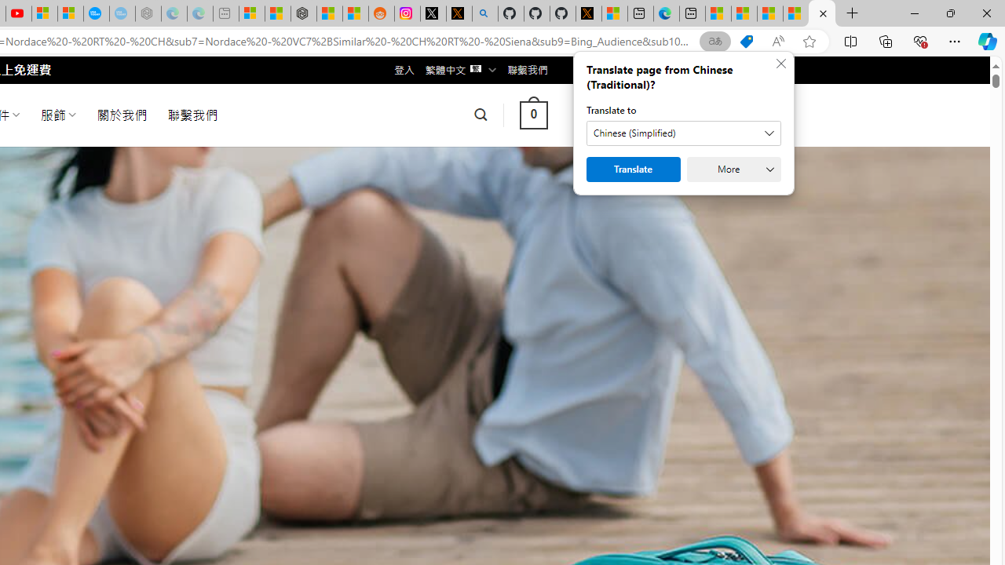 The height and width of the screenshot is (565, 1005). What do you see at coordinates (796, 13) in the screenshot?
I see `'Microsoft Start'` at bounding box center [796, 13].